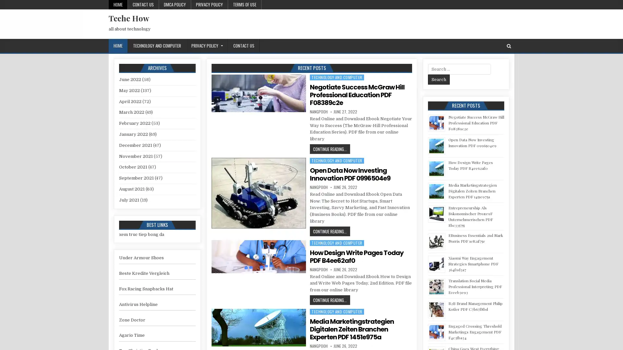 Image resolution: width=623 pixels, height=350 pixels. Describe the element at coordinates (438, 79) in the screenshot. I see `Search` at that location.